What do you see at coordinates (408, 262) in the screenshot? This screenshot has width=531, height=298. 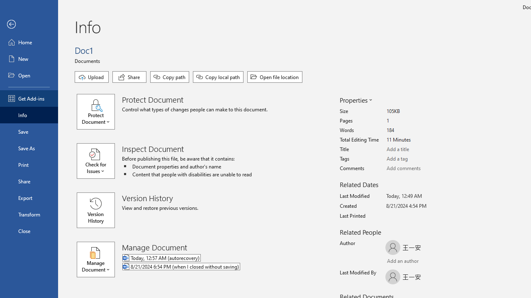 I see `'Verify Names'` at bounding box center [408, 262].